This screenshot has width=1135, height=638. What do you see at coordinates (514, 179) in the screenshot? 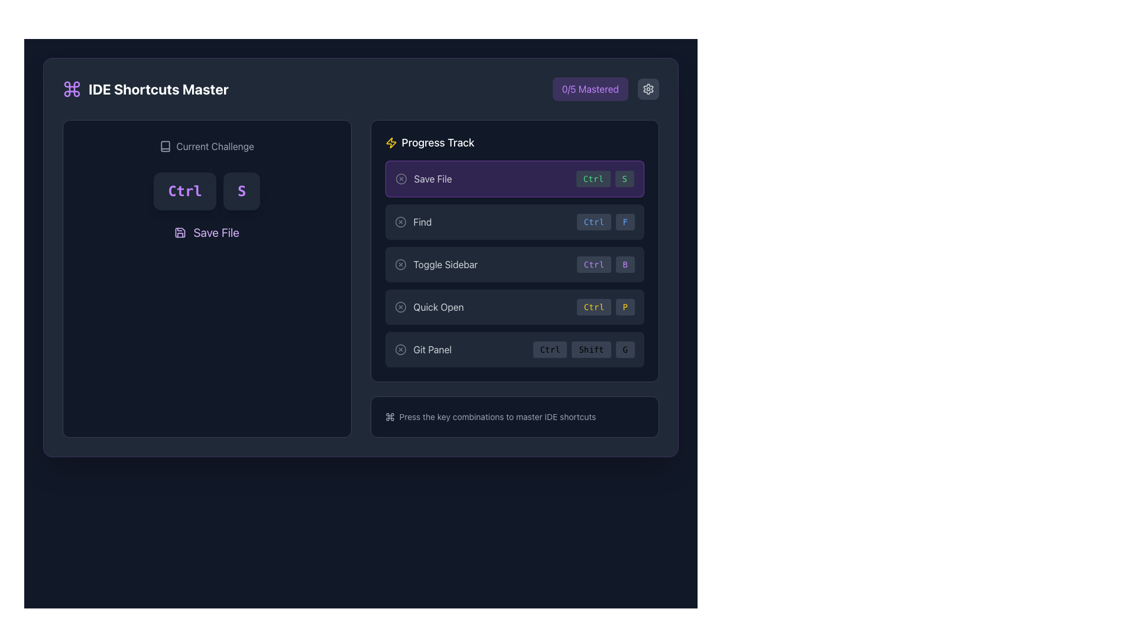
I see `the 'Save File' button, which is a horizontally rectangular button with a soft purple background located in the 'Progress Track' side panel` at bounding box center [514, 179].